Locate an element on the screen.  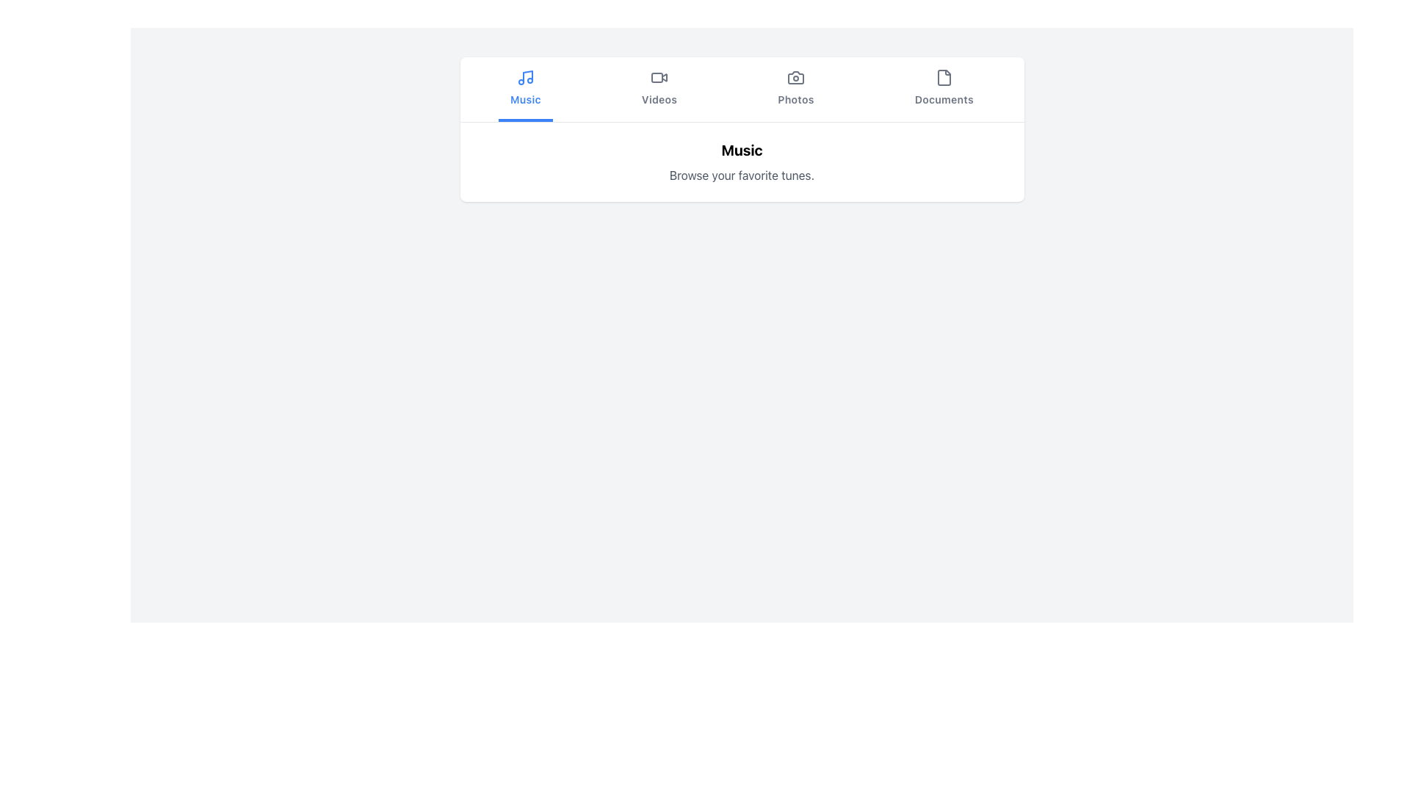
the 'Videos' tab option in the navigation bar is located at coordinates (658, 90).